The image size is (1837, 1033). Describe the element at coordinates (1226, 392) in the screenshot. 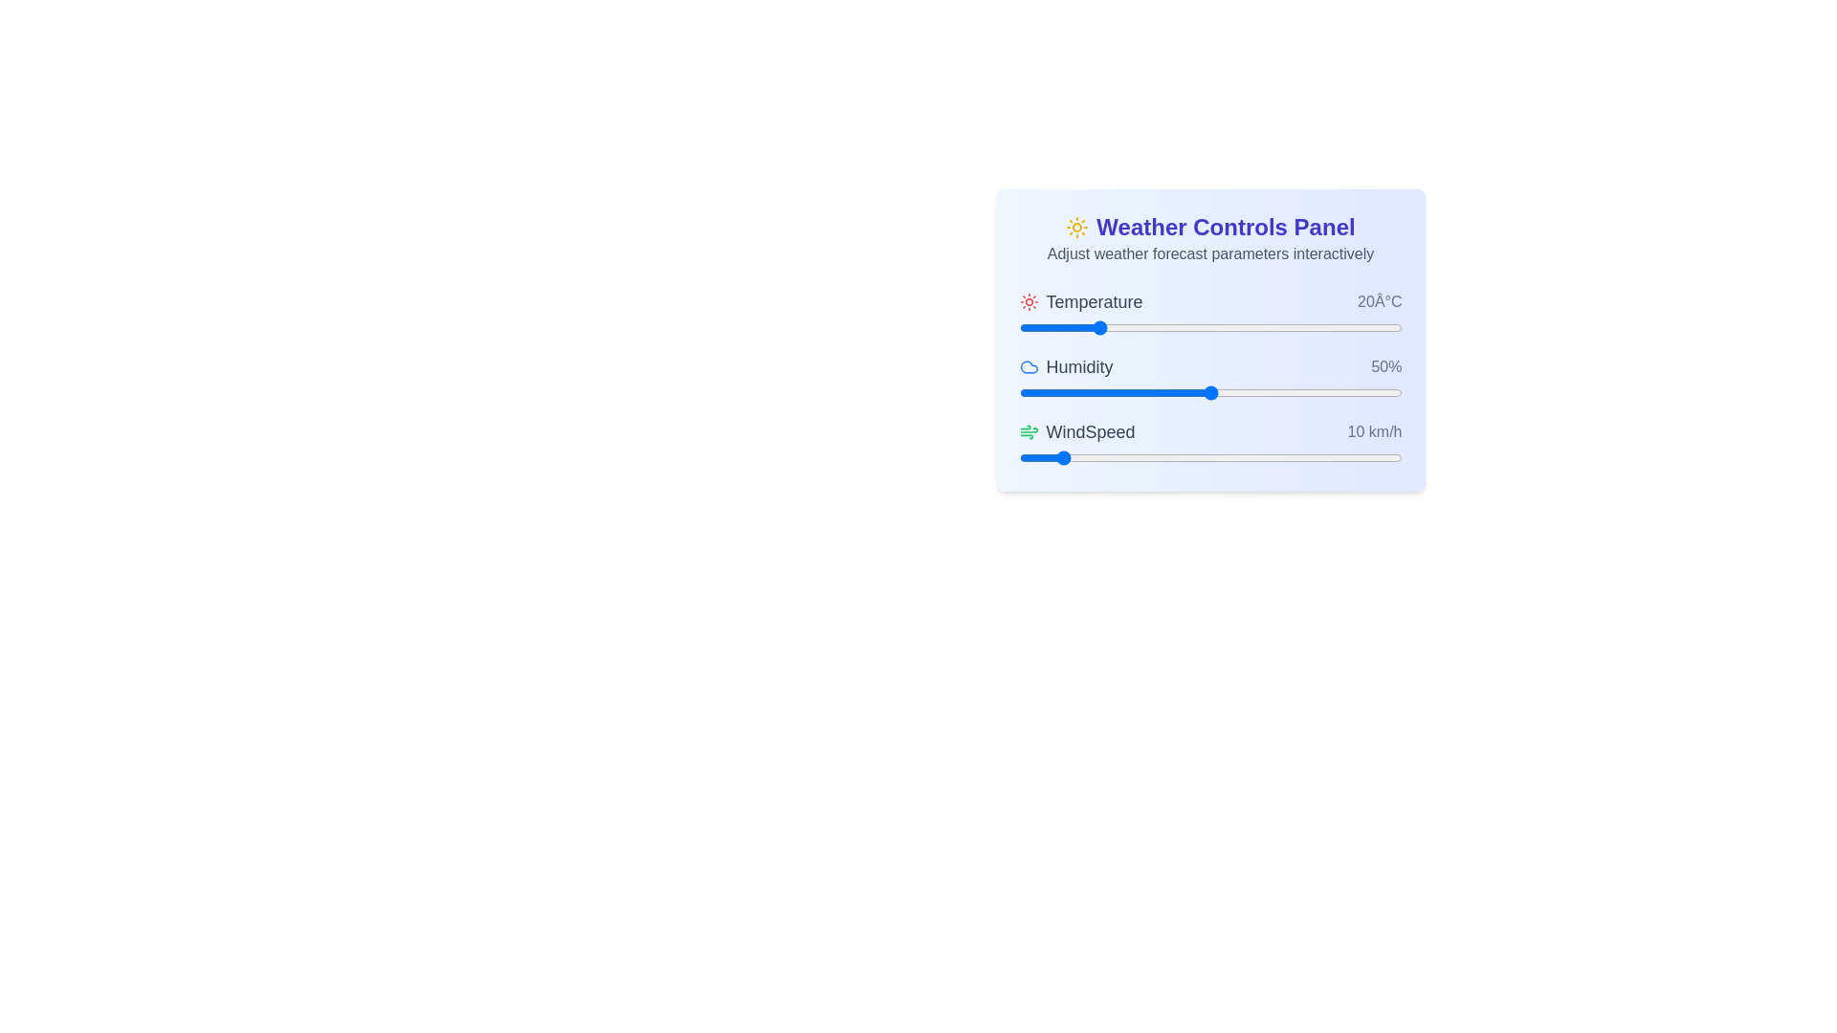

I see `the humidity slider to 54%` at that location.